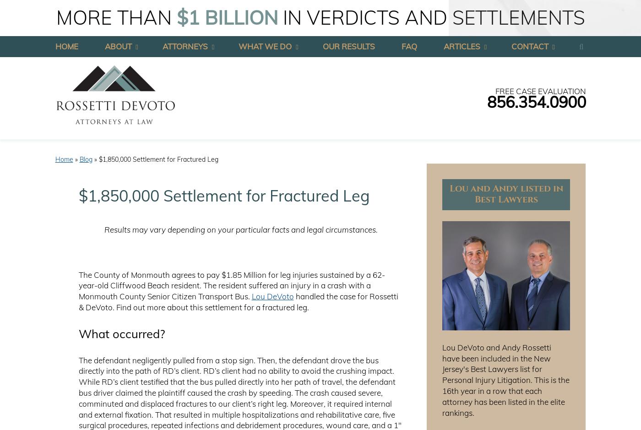  I want to click on 'What occurred?', so click(121, 333).